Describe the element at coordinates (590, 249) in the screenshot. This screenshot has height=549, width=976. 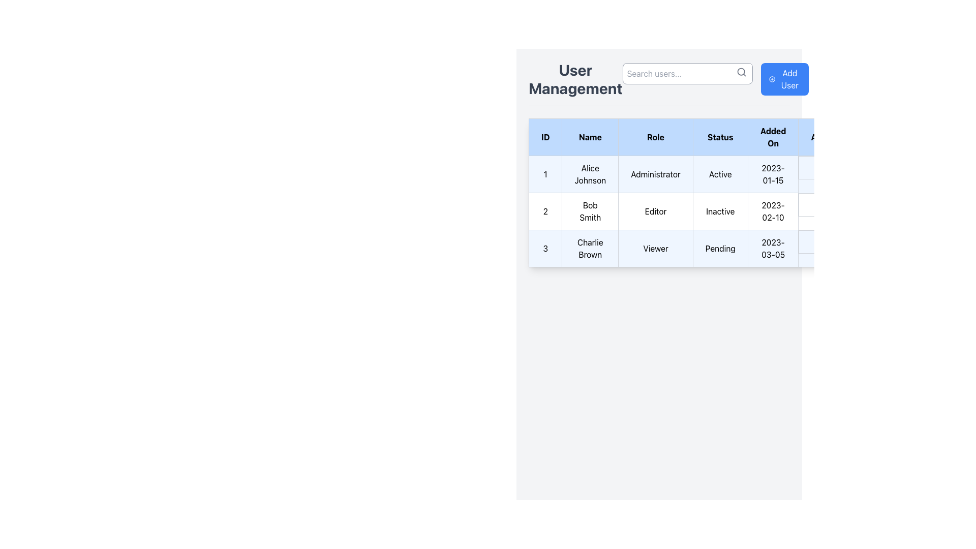
I see `text 'Charlie Brown' displayed in the table cell located in the second column of the third row in the 'User Management' interface` at that location.